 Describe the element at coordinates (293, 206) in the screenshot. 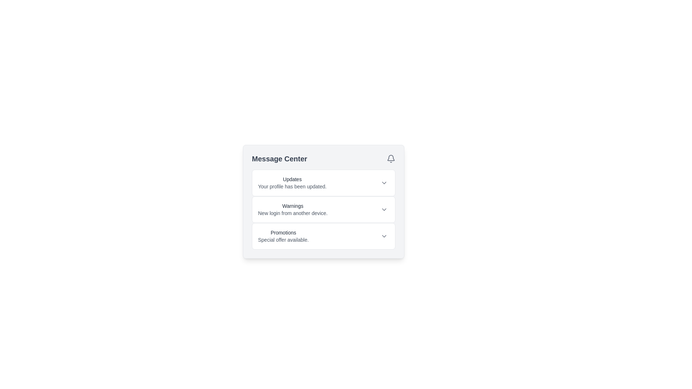

I see `the 'Warnings' label, which is styled with a small bold font in dark gray, located in the 'Message Center' panel between 'Updates' and 'Promotions'` at that location.